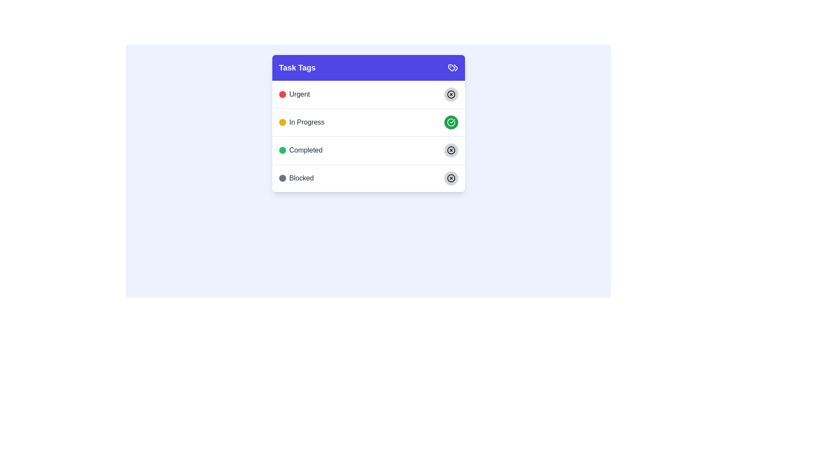 This screenshot has height=464, width=826. I want to click on the circular button icon with a cross in its center, located in the fourth row of the 'Task Tags' list, so click(450, 150).